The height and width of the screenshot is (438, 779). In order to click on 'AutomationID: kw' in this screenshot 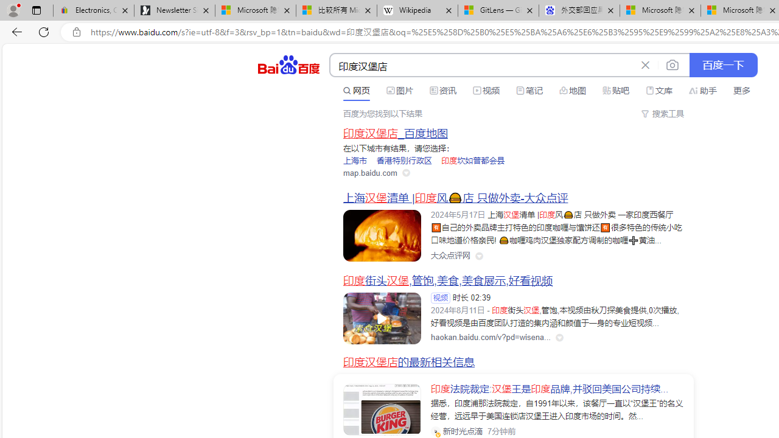, I will do `click(482, 66)`.